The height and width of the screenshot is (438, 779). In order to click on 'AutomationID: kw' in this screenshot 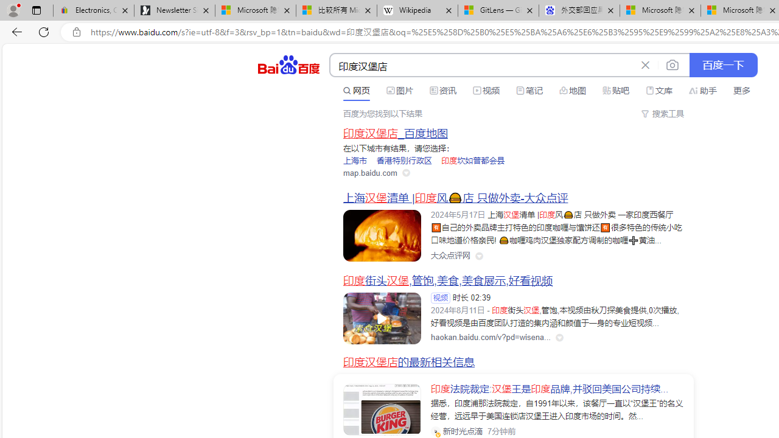, I will do `click(482, 66)`.